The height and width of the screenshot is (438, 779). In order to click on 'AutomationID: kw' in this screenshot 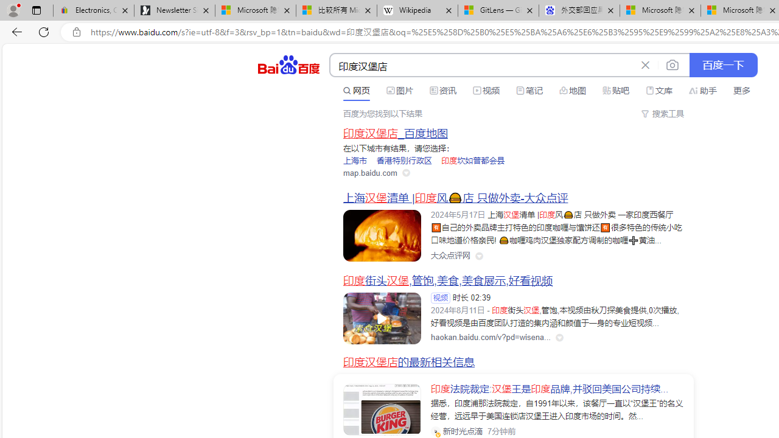, I will do `click(482, 66)`.